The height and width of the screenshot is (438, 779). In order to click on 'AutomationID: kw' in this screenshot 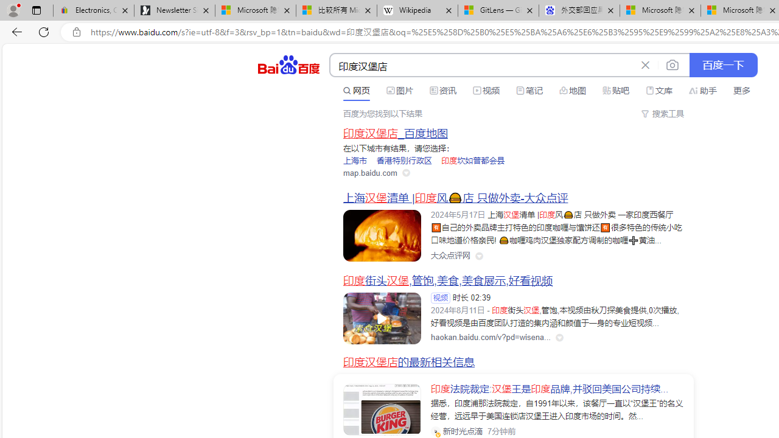, I will do `click(482, 66)`.